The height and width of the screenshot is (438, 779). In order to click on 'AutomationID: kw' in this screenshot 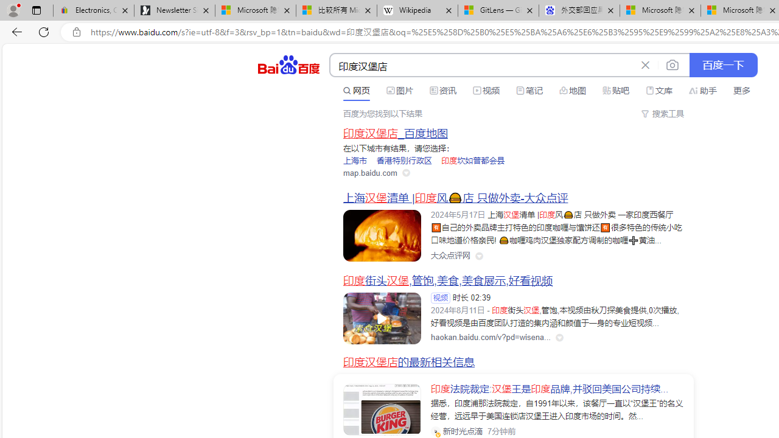, I will do `click(482, 66)`.